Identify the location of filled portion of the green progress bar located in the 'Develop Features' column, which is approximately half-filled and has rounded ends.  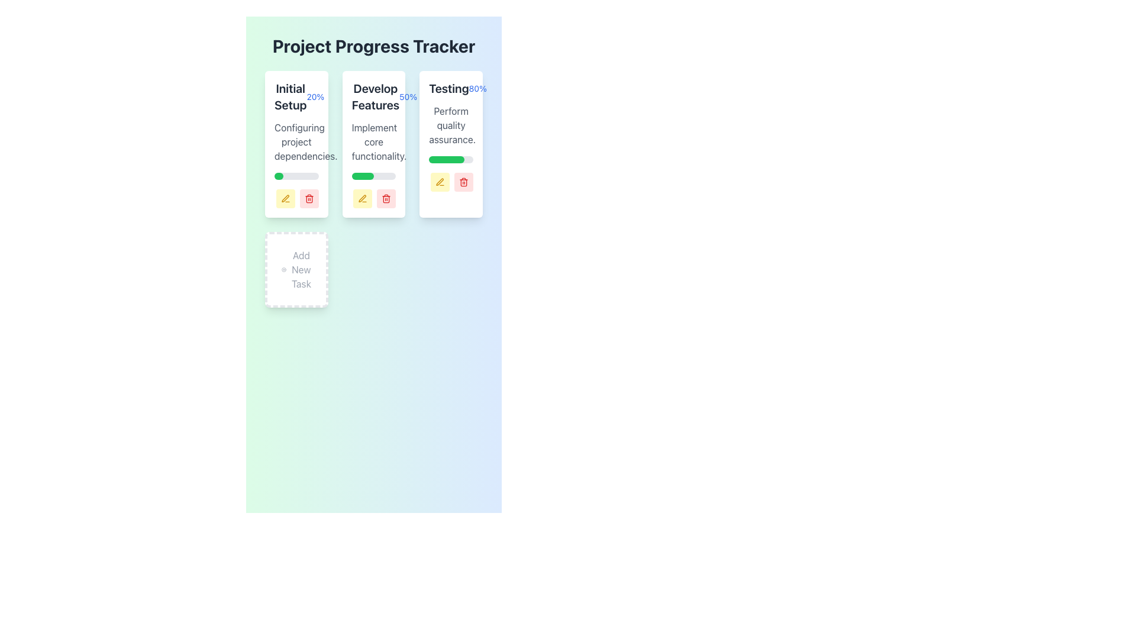
(362, 176).